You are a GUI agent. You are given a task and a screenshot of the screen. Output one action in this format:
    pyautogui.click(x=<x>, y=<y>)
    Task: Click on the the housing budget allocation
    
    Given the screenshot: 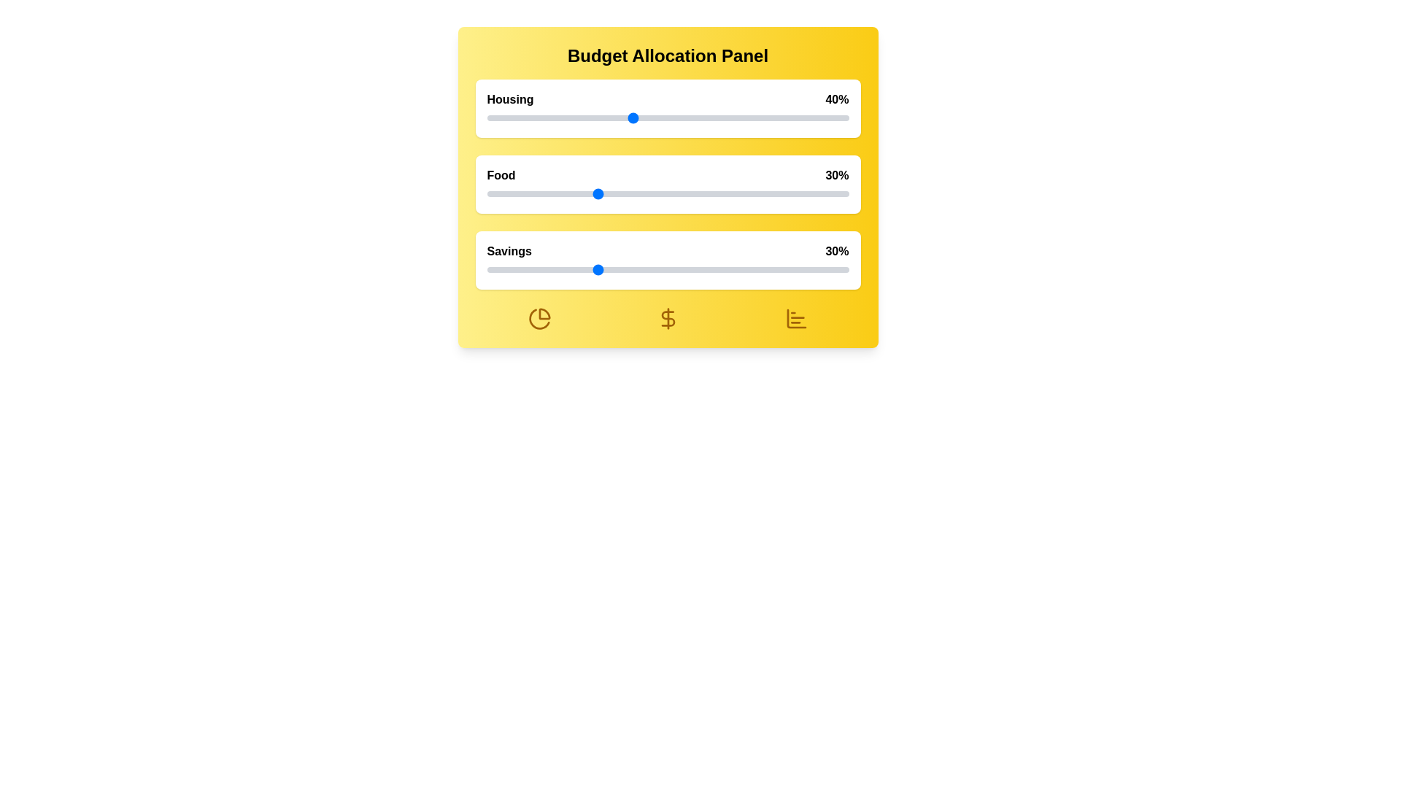 What is the action you would take?
    pyautogui.click(x=544, y=117)
    